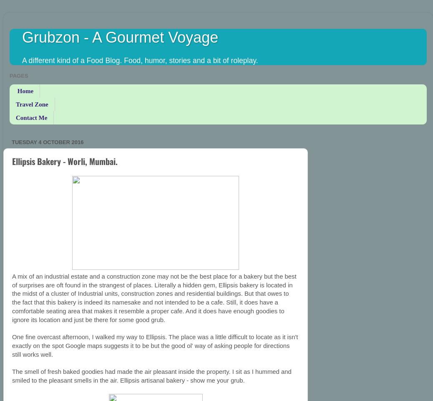 The width and height of the screenshot is (433, 401). I want to click on 'Travel Zone', so click(31, 104).